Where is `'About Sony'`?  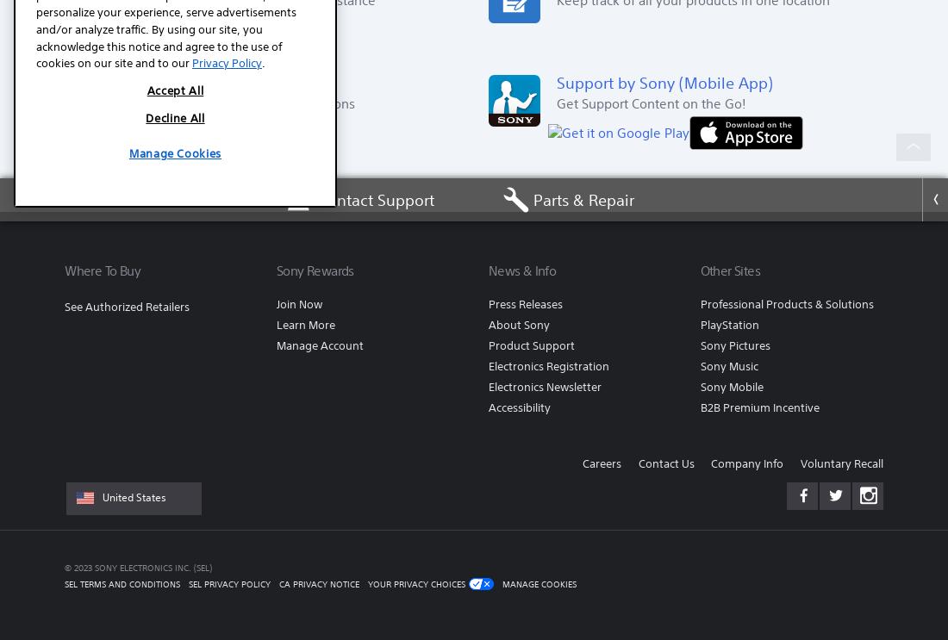
'About Sony' is located at coordinates (517, 324).